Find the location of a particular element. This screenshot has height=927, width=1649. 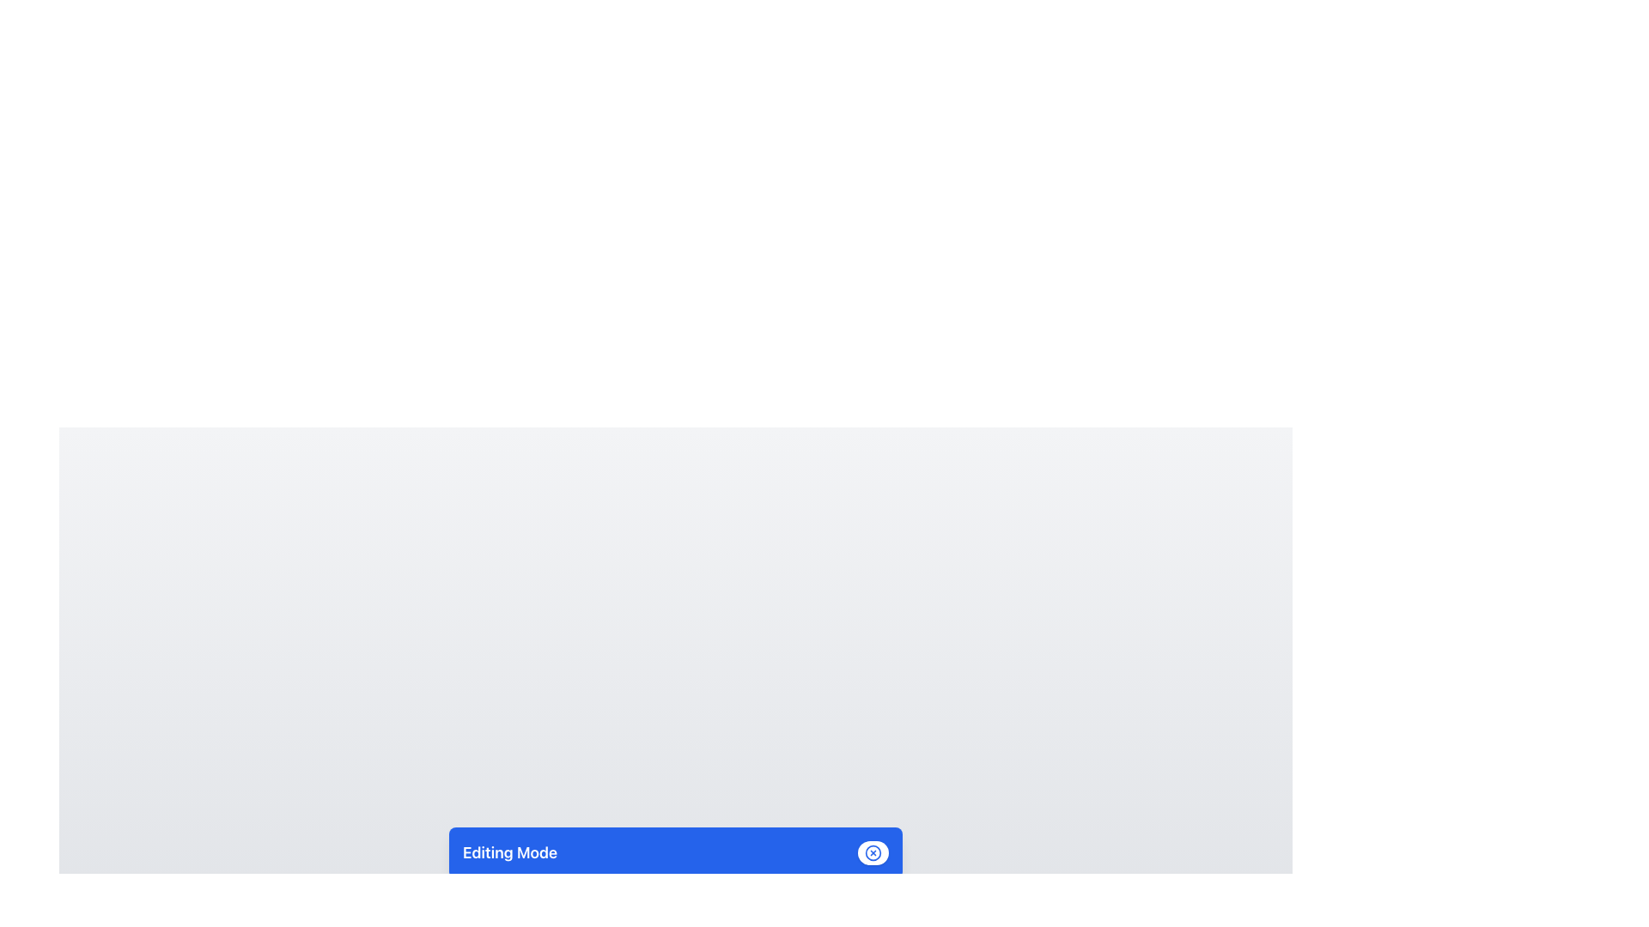

the button located on the right edge of the blue bar labeled 'Editing Mode' is located at coordinates (873, 853).